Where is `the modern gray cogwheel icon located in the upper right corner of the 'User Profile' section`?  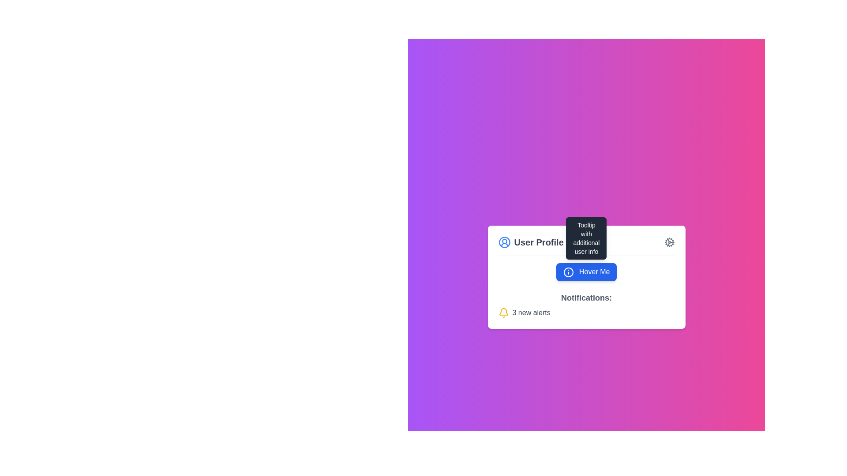
the modern gray cogwheel icon located in the upper right corner of the 'User Profile' section is located at coordinates (669, 242).